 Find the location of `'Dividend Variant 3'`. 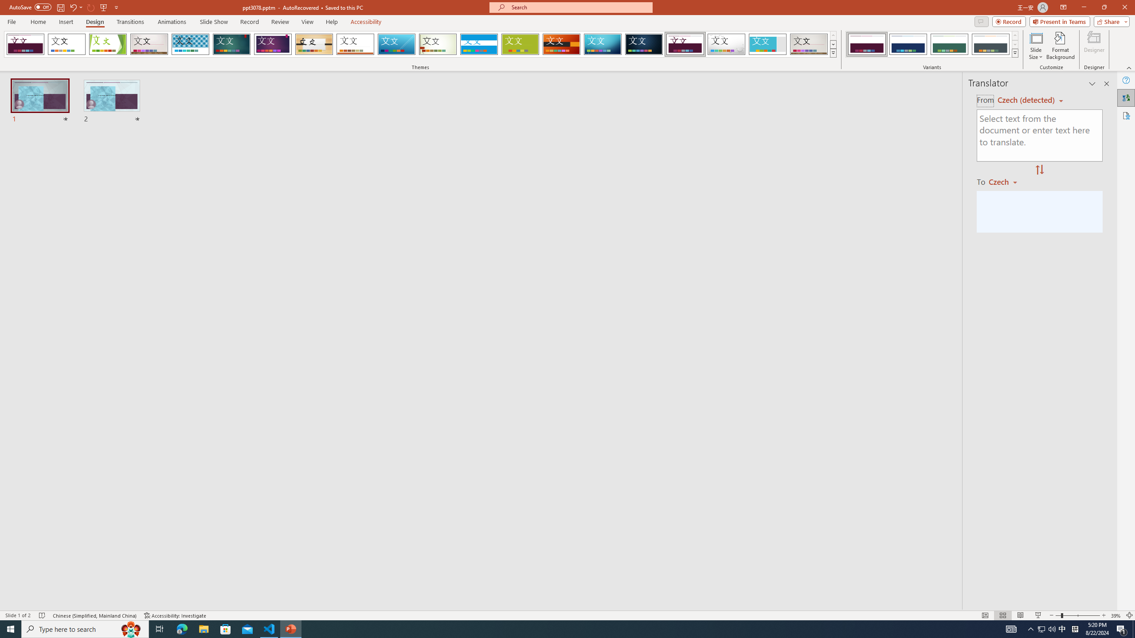

'Dividend Variant 3' is located at coordinates (949, 44).